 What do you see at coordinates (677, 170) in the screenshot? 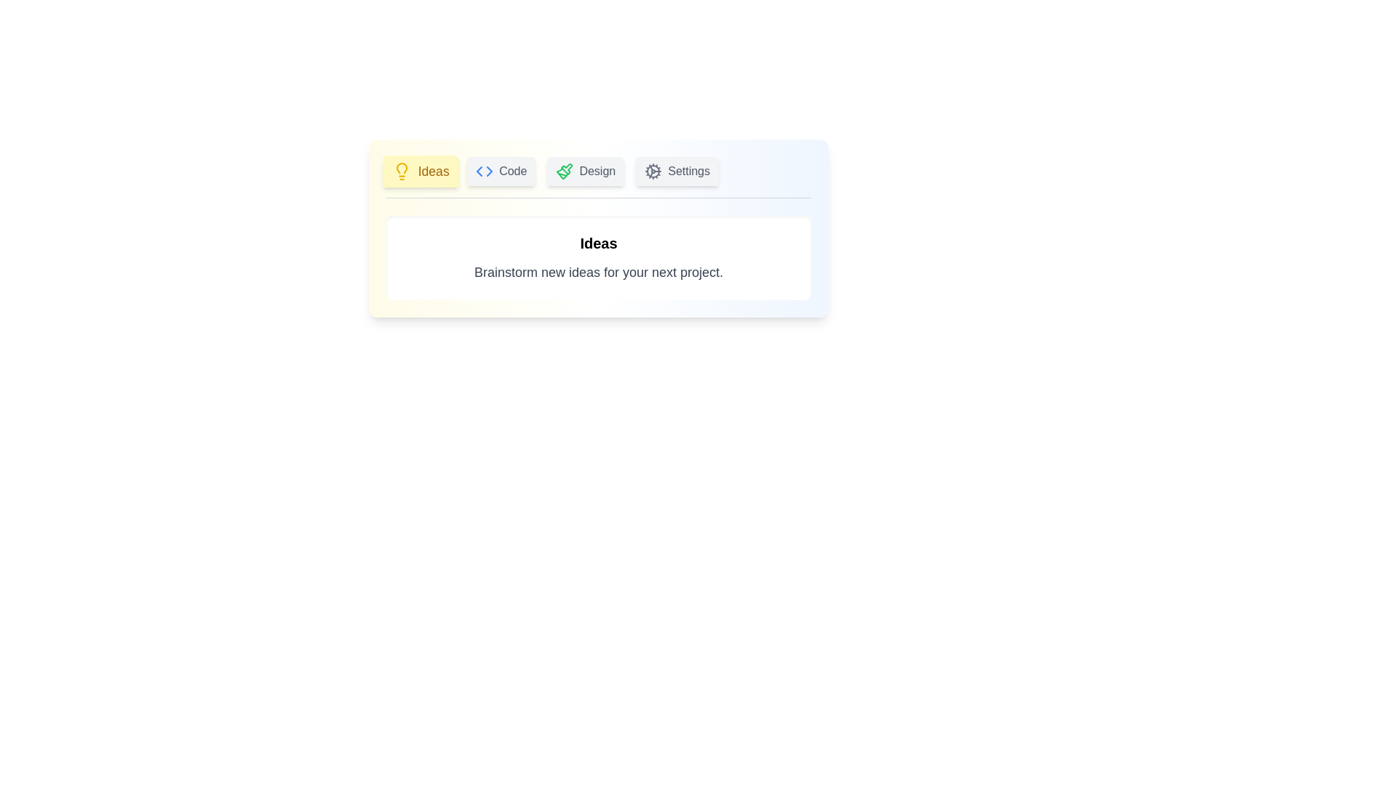
I see `the Settings tab` at bounding box center [677, 170].